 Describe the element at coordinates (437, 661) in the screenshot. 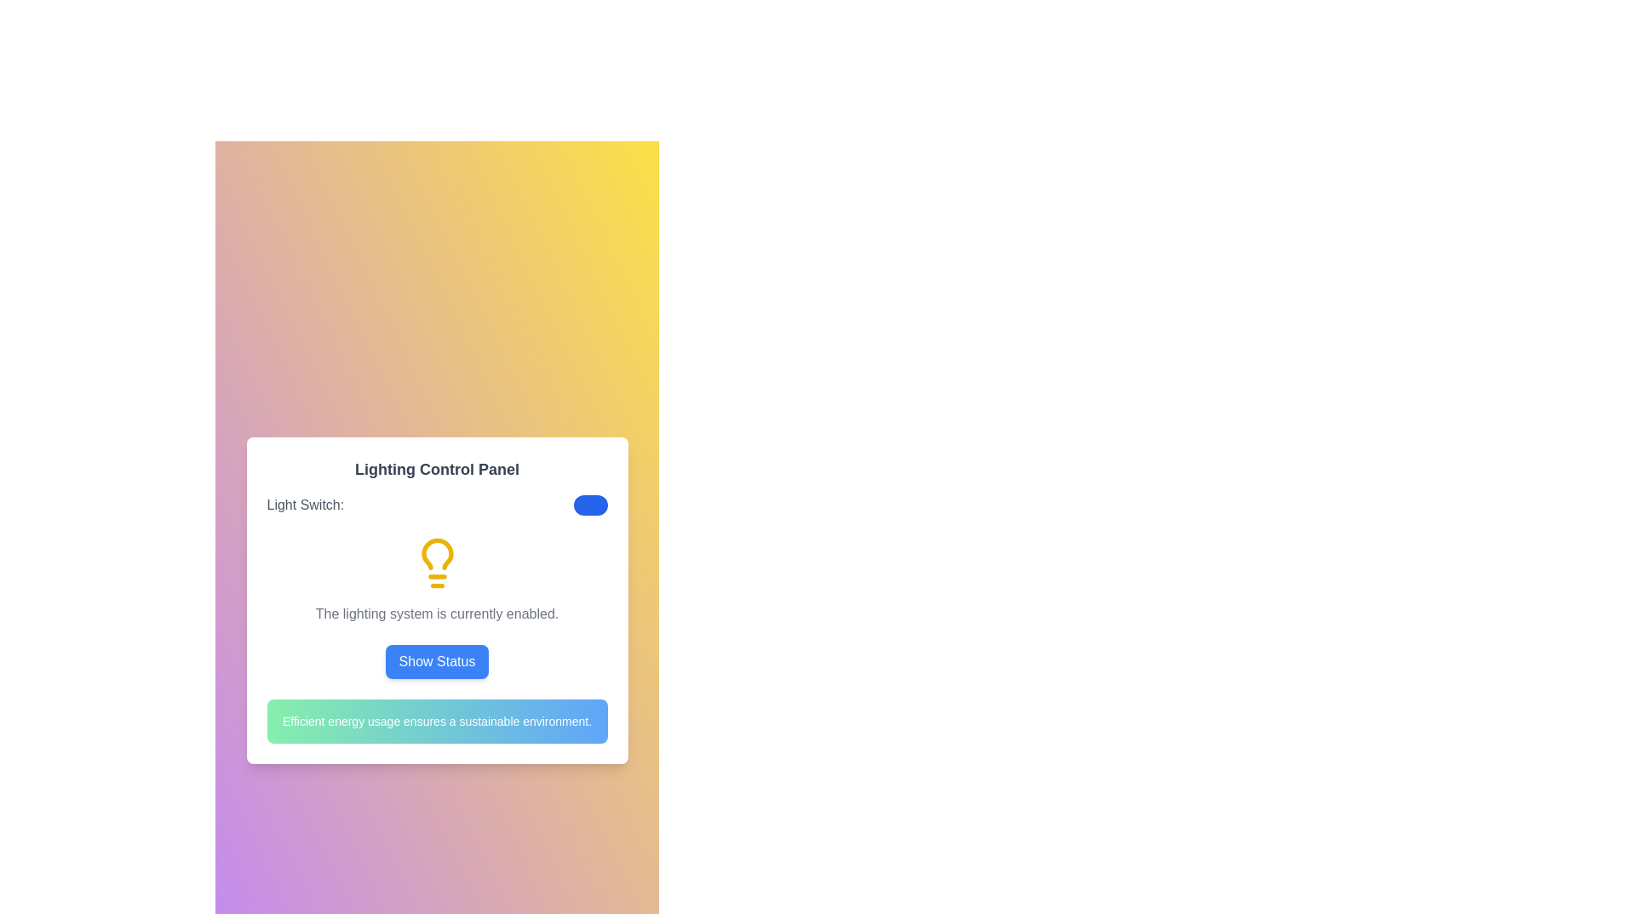

I see `the blue 'Show Status' button located at the bottom center of the 'Lighting Control Panel' section` at that location.